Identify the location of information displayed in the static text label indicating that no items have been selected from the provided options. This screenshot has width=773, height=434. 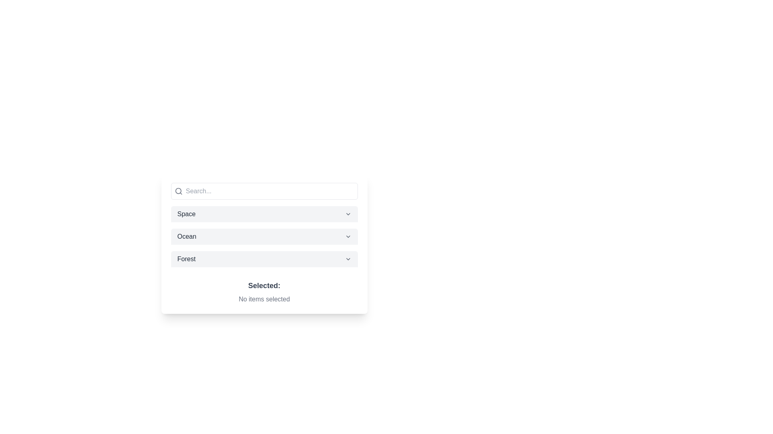
(264, 299).